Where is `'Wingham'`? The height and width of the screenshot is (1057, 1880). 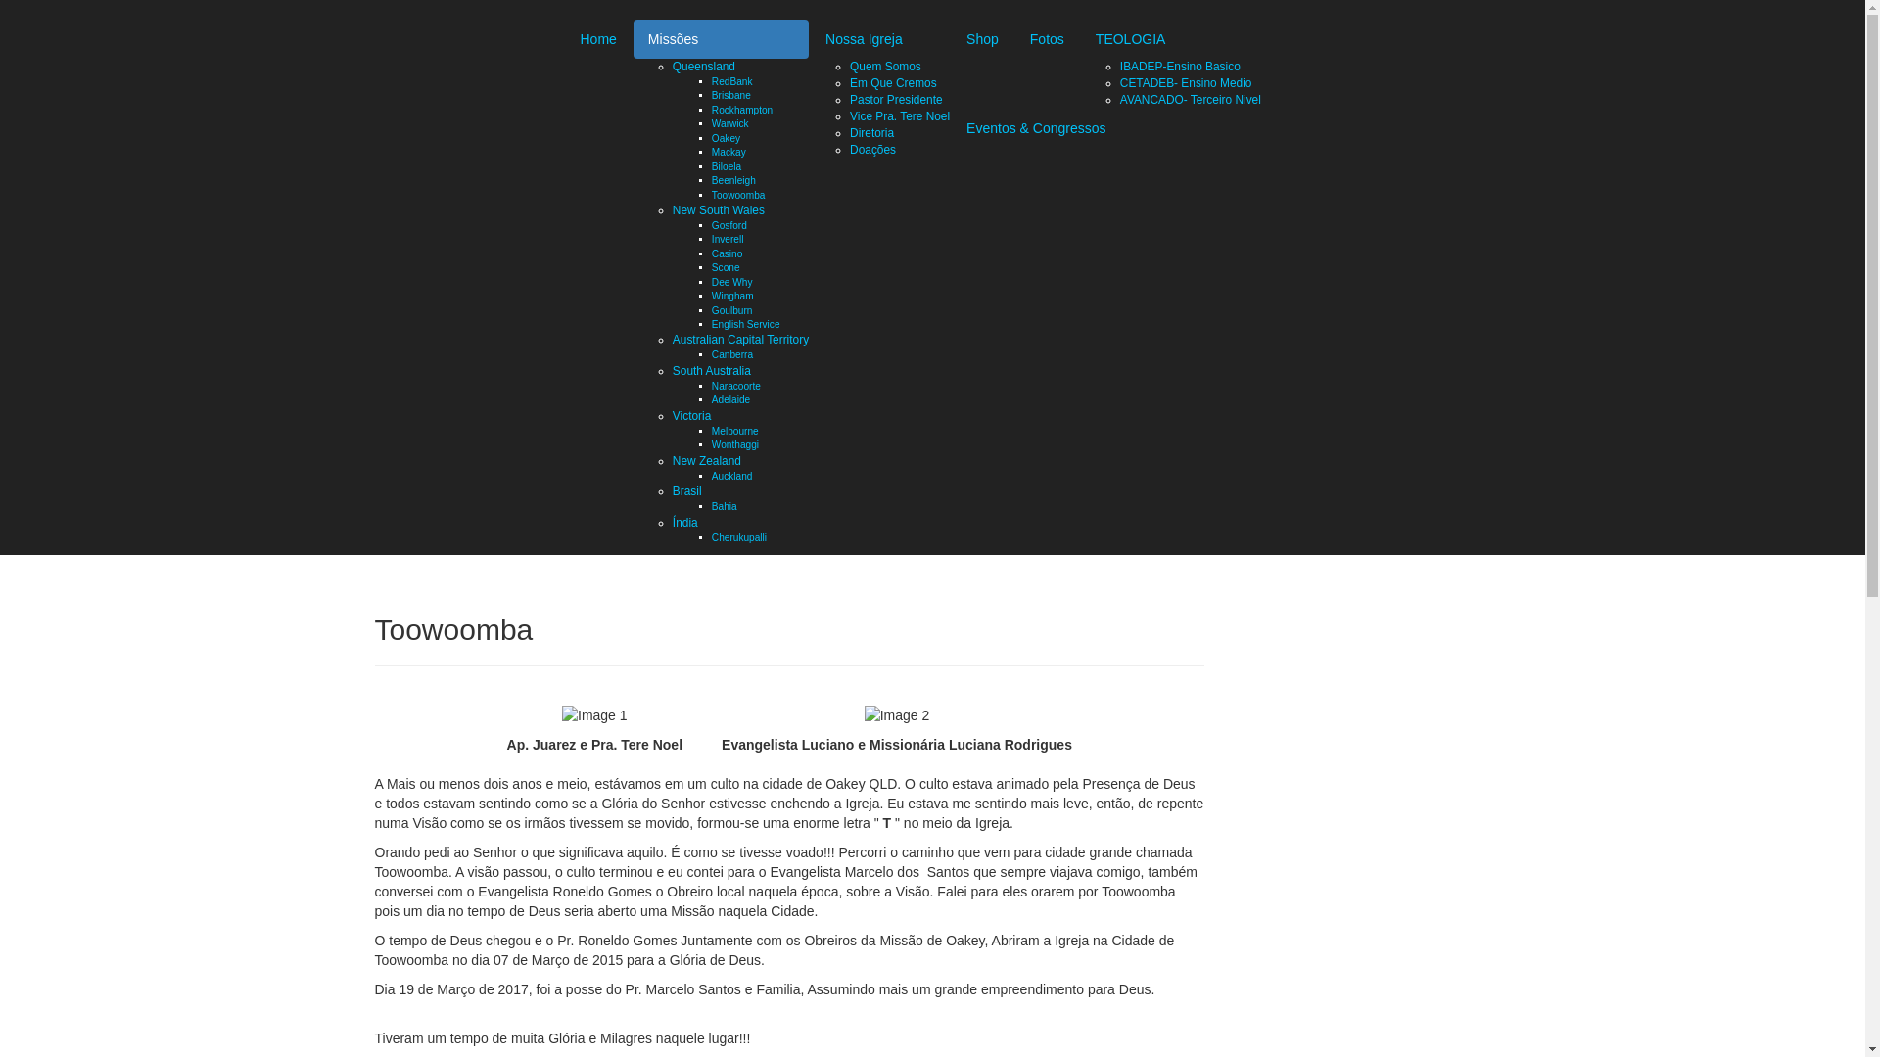 'Wingham' is located at coordinates (731, 296).